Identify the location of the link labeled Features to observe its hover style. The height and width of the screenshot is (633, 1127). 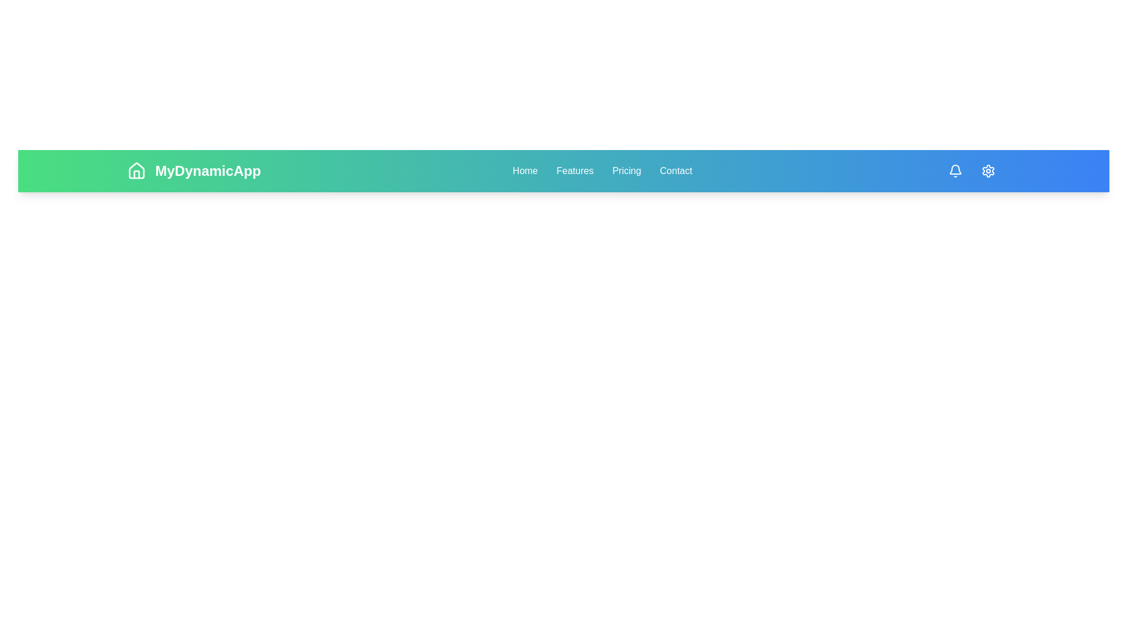
(575, 171).